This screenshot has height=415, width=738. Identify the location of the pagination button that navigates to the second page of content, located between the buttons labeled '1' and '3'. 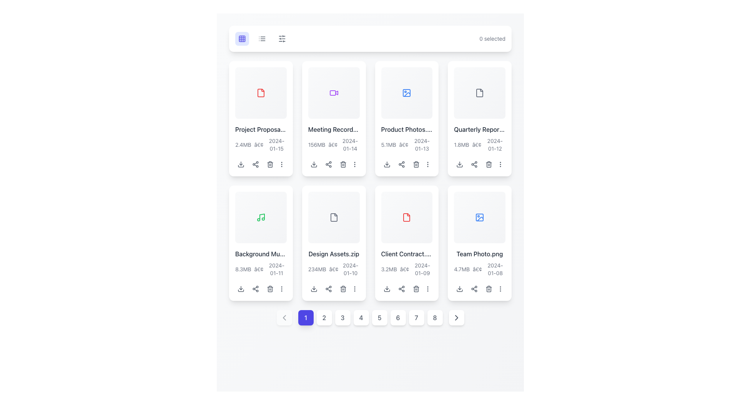
(324, 317).